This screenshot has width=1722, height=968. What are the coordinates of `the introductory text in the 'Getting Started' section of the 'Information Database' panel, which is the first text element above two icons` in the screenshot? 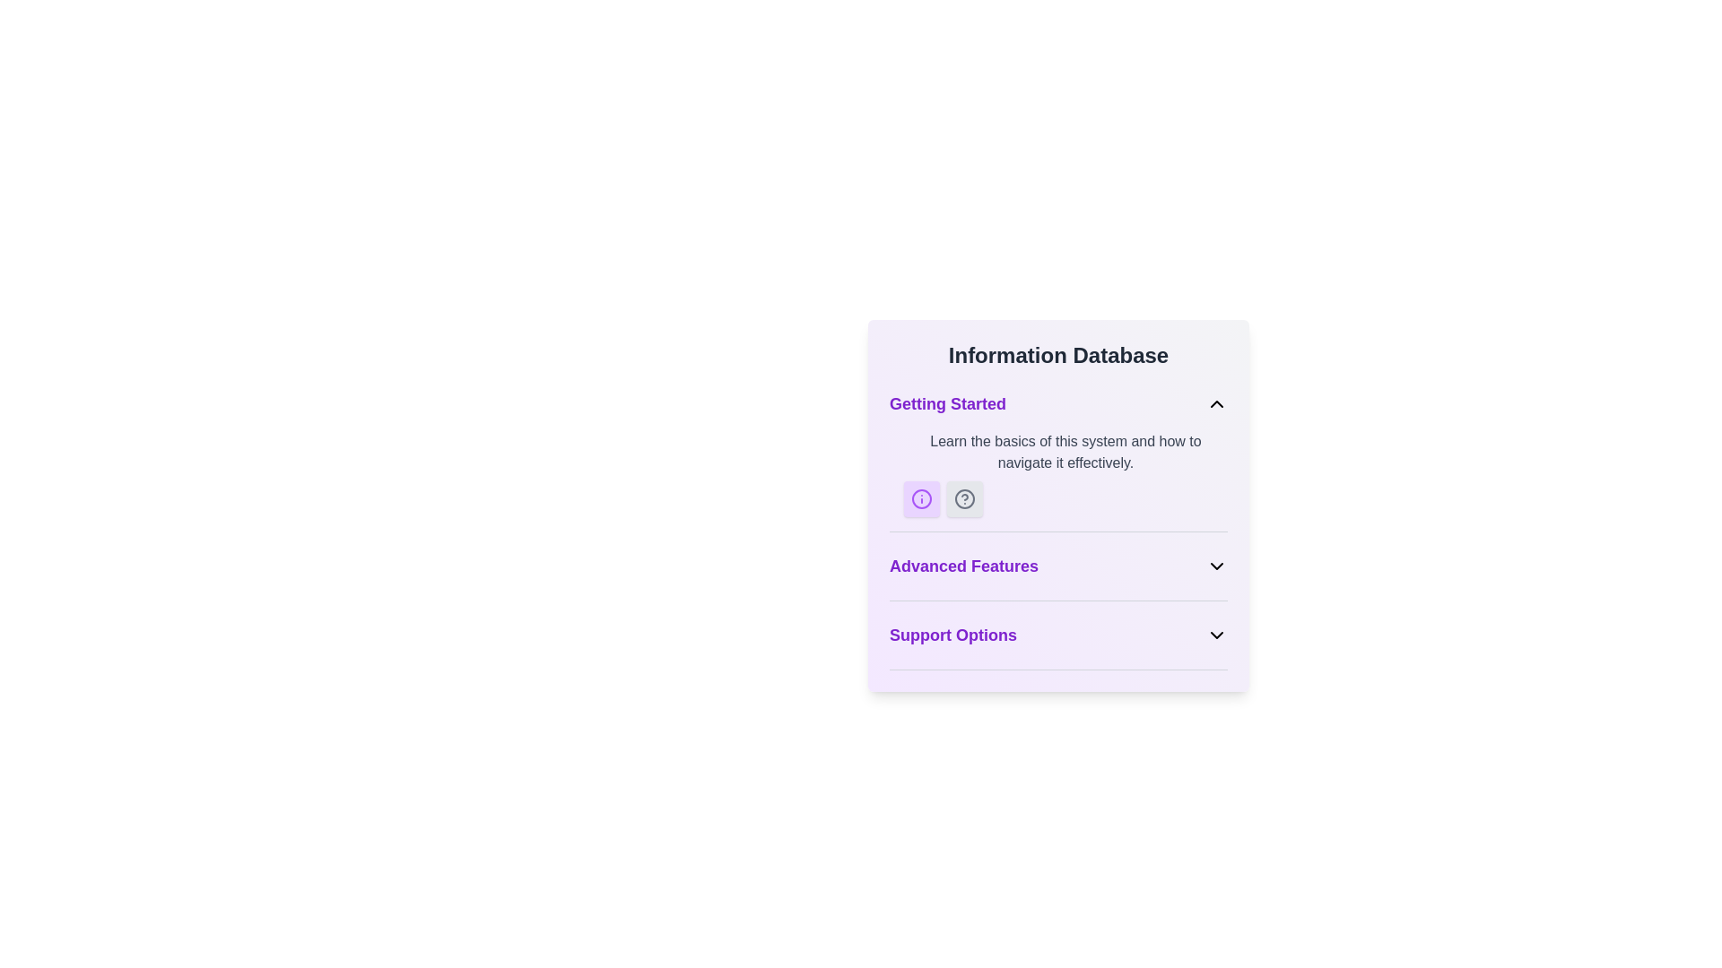 It's located at (1065, 452).